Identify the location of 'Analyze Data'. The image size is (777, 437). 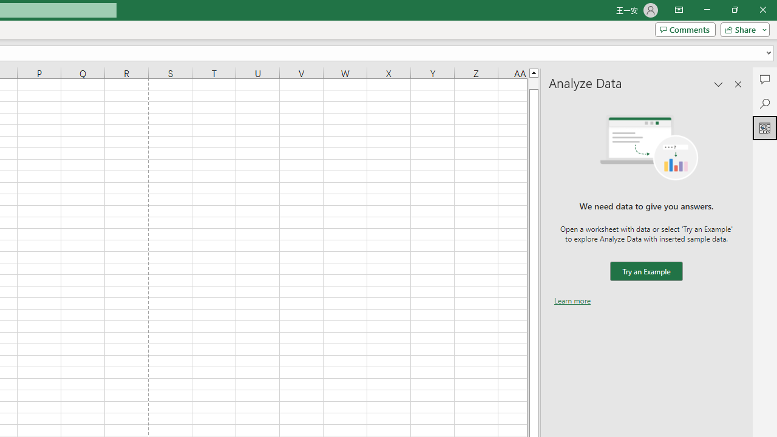
(764, 127).